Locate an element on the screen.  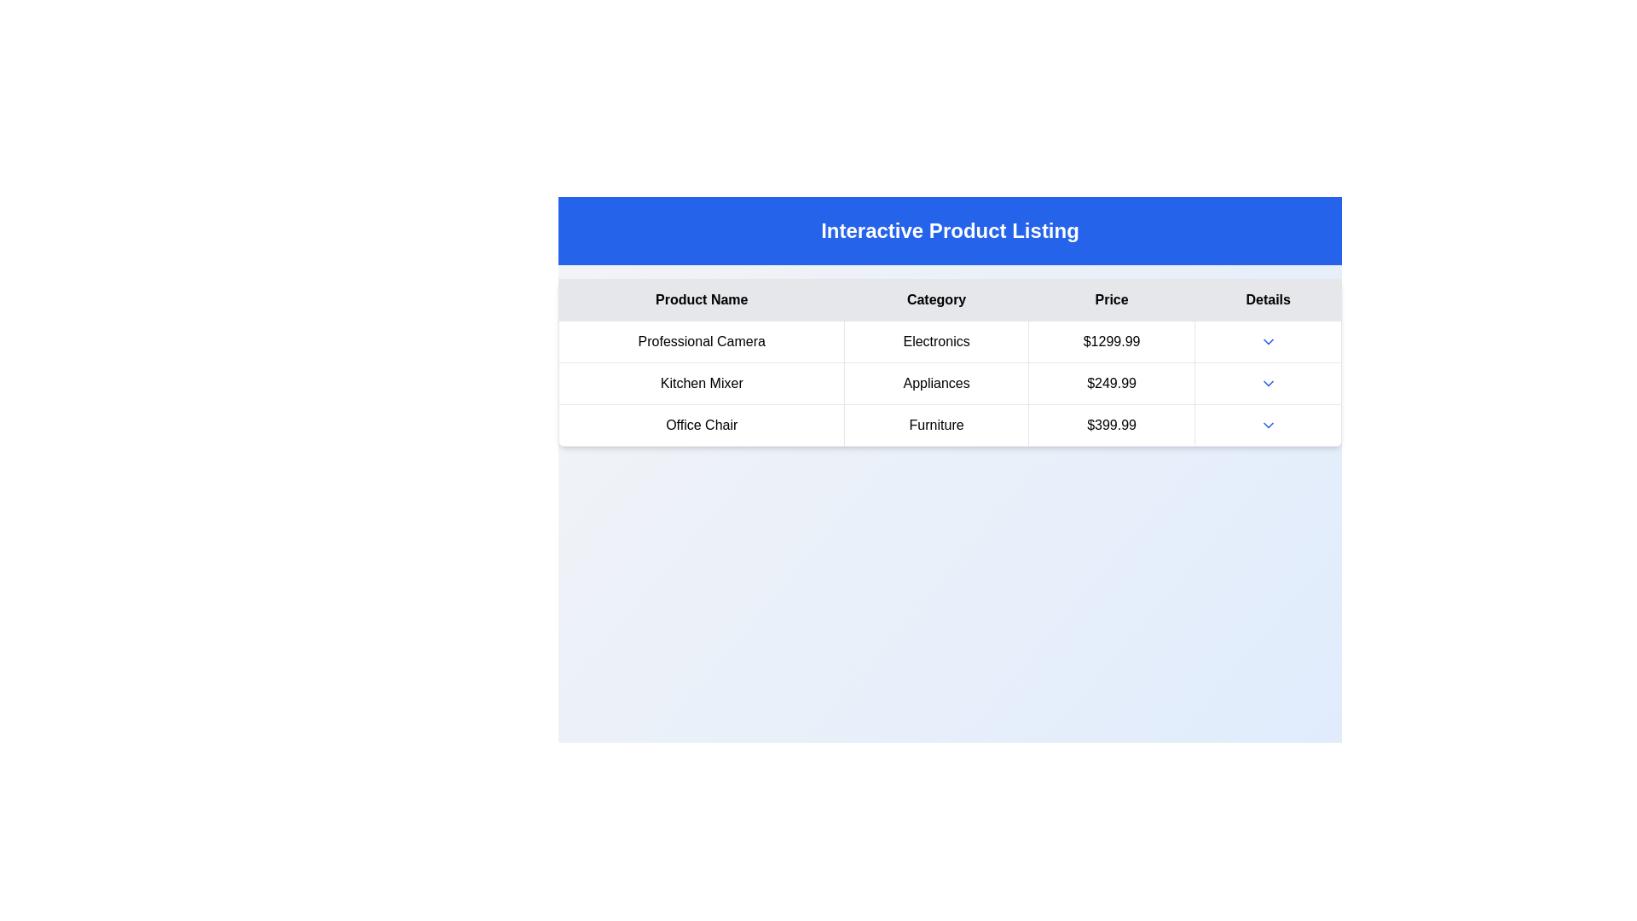
the 'Category' label in the table header, which is the second column header with bold black text on a light grey background is located at coordinates (935, 298).